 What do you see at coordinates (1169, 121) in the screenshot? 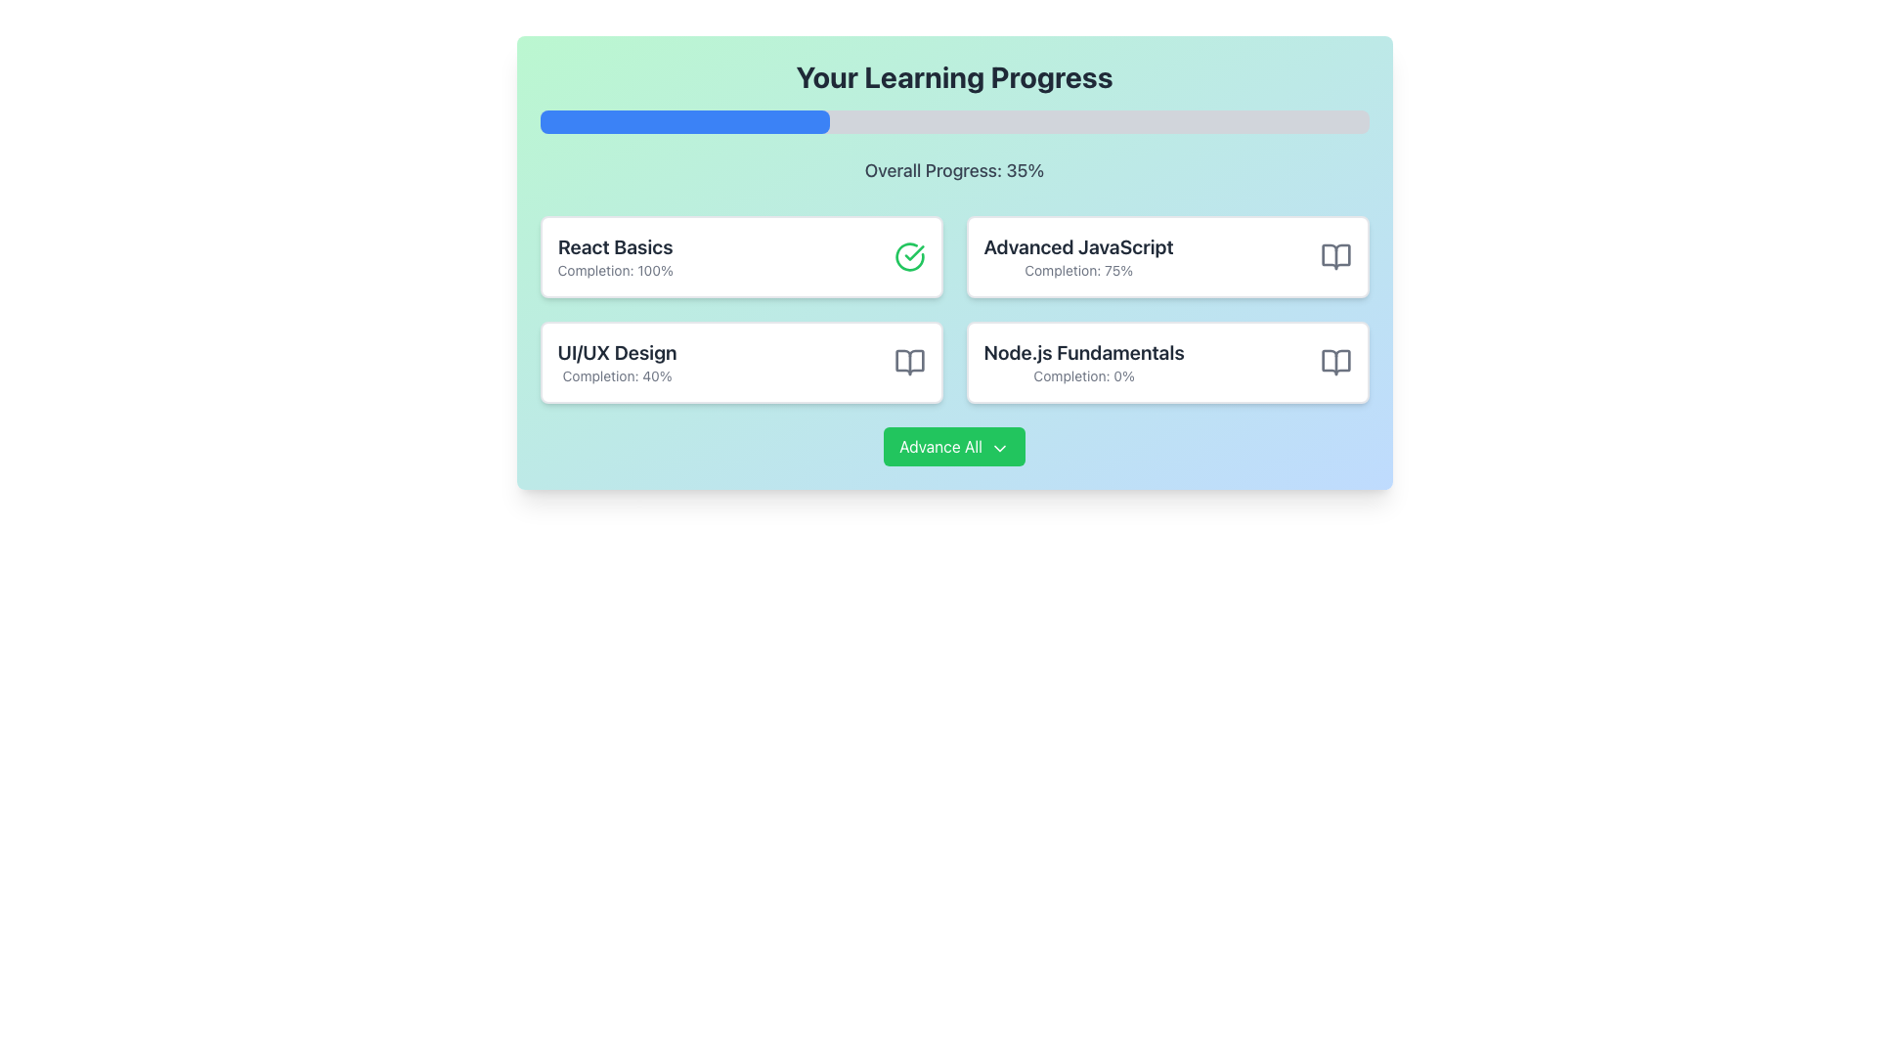
I see `progress` at bounding box center [1169, 121].